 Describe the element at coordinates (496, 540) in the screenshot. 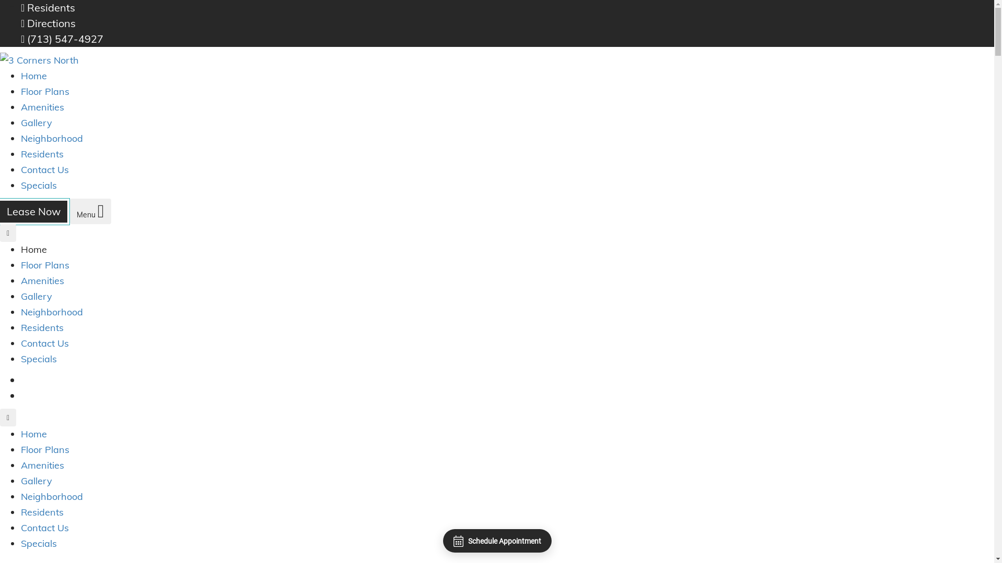

I see `'Schedule Appointment'` at that location.